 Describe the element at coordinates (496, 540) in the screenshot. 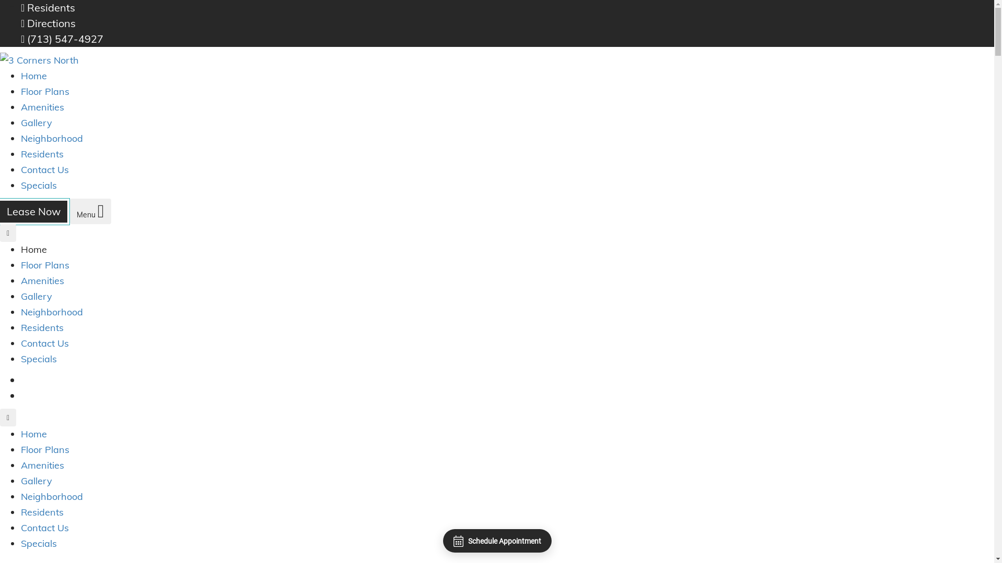

I see `'Schedule Appointment'` at that location.